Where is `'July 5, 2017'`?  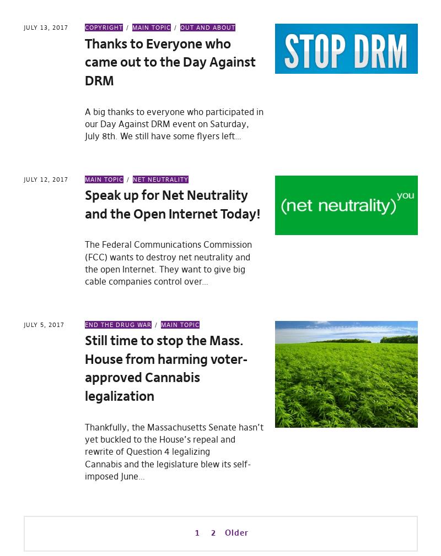
'July 5, 2017' is located at coordinates (43, 324).